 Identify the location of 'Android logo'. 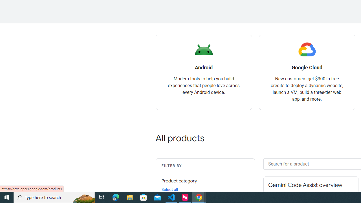
(203, 49).